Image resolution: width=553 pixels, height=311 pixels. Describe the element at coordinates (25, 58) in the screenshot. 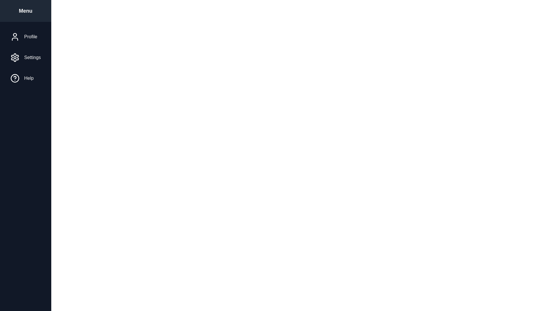

I see `the menu option Settings to highlight it` at that location.